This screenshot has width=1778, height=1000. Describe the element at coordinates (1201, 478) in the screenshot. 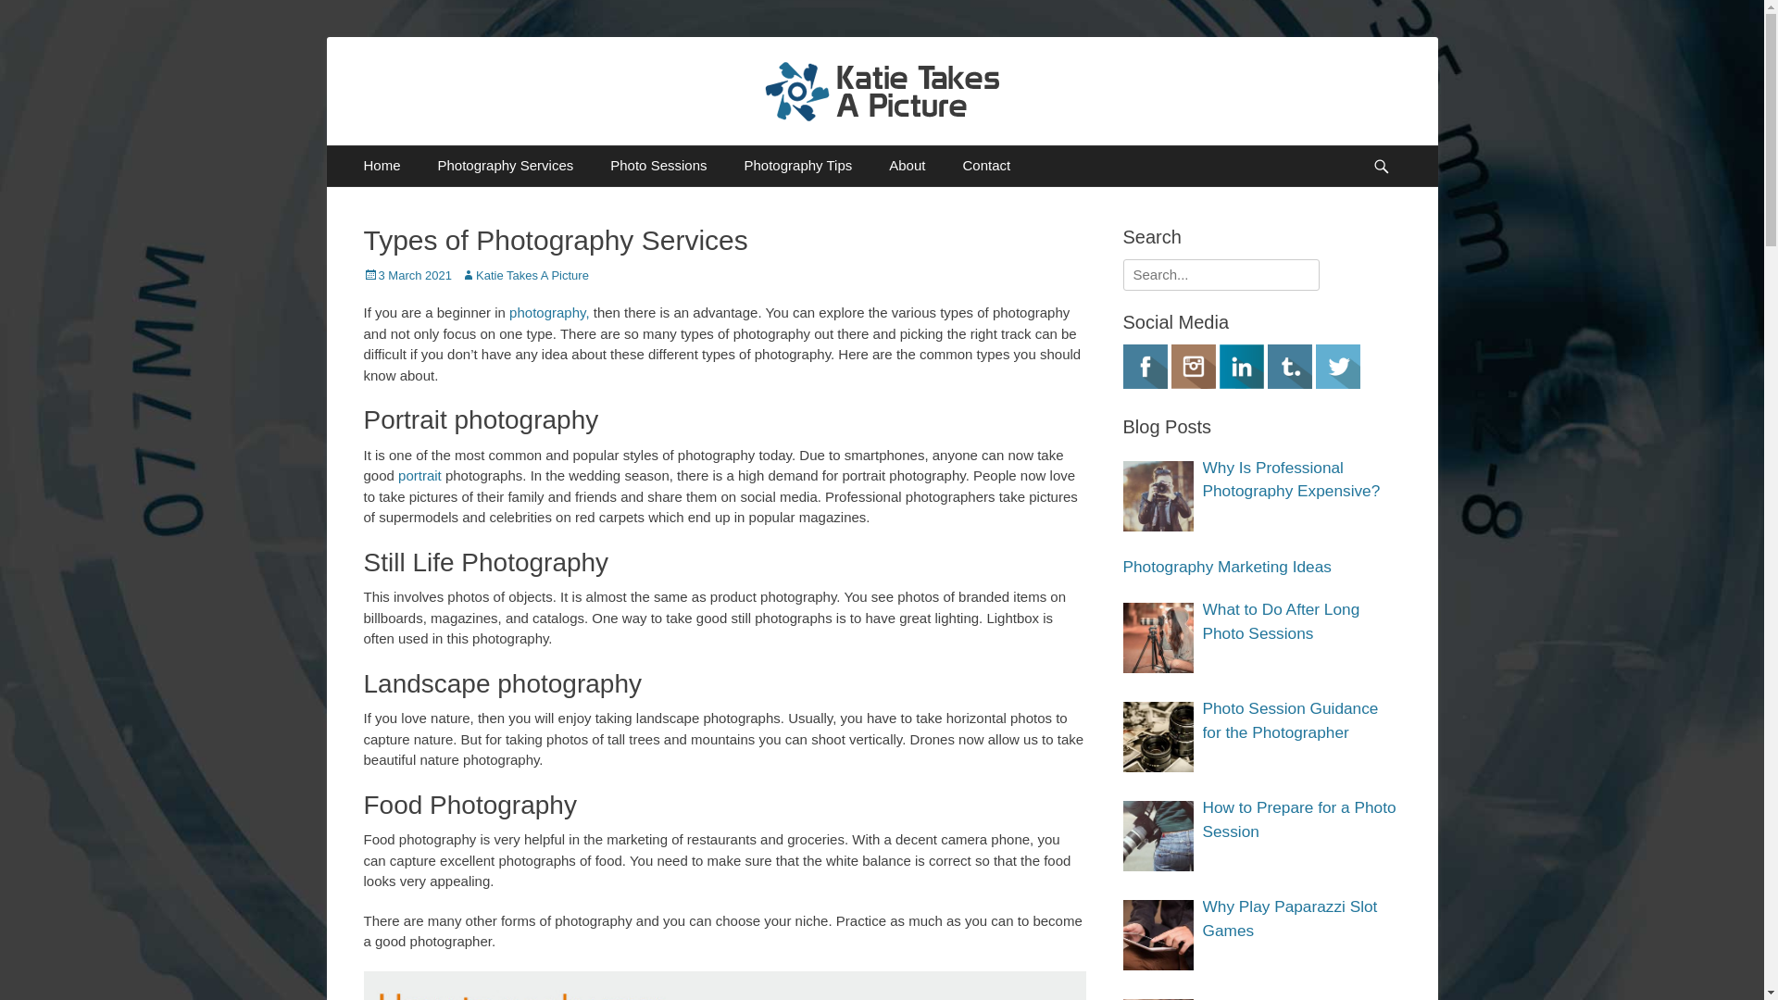

I see `'Why Is Professional Photography Expensive?'` at that location.